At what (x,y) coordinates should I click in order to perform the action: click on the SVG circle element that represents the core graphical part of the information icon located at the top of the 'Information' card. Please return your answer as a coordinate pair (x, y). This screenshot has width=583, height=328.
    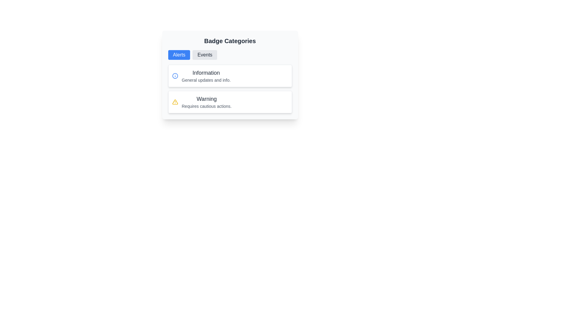
    Looking at the image, I should click on (175, 76).